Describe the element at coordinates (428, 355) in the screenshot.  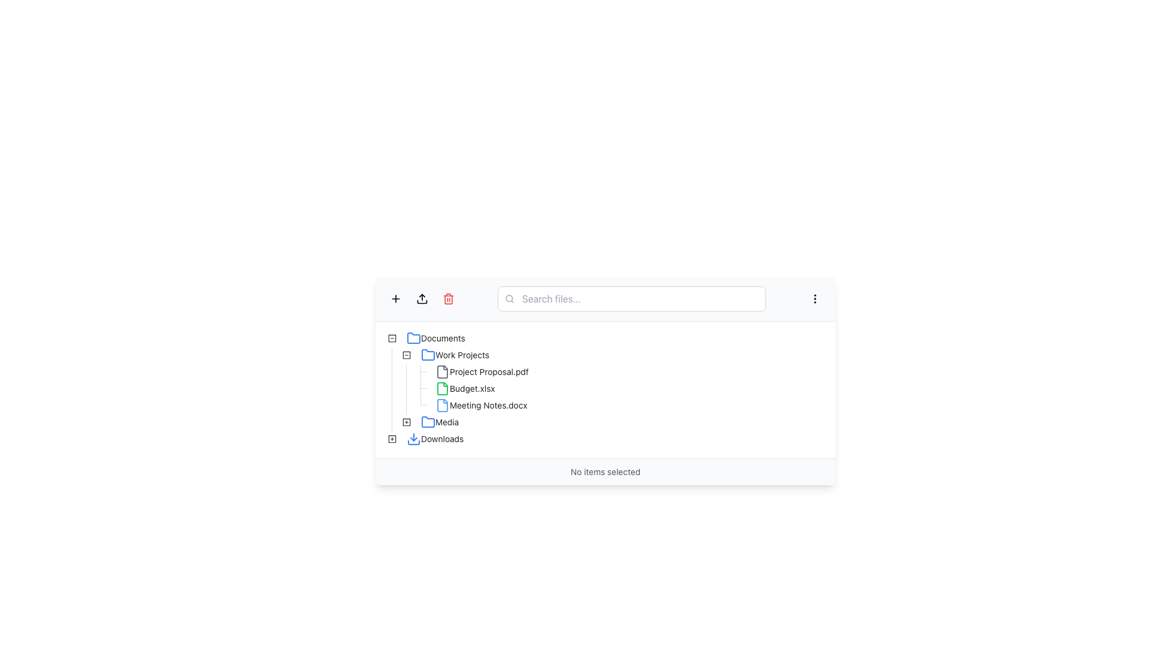
I see `the blue folder icon` at that location.